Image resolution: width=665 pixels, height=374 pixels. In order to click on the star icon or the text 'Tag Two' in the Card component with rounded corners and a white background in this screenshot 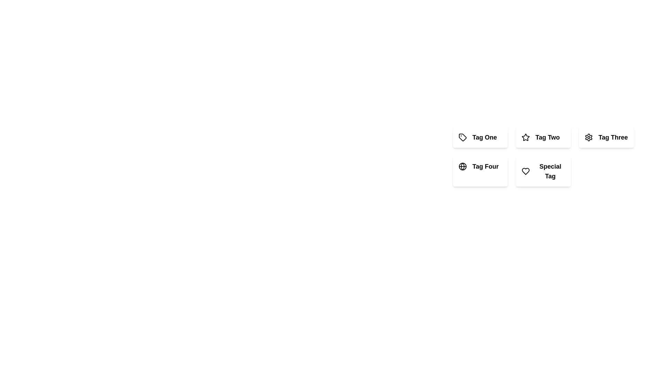, I will do `click(543, 137)`.